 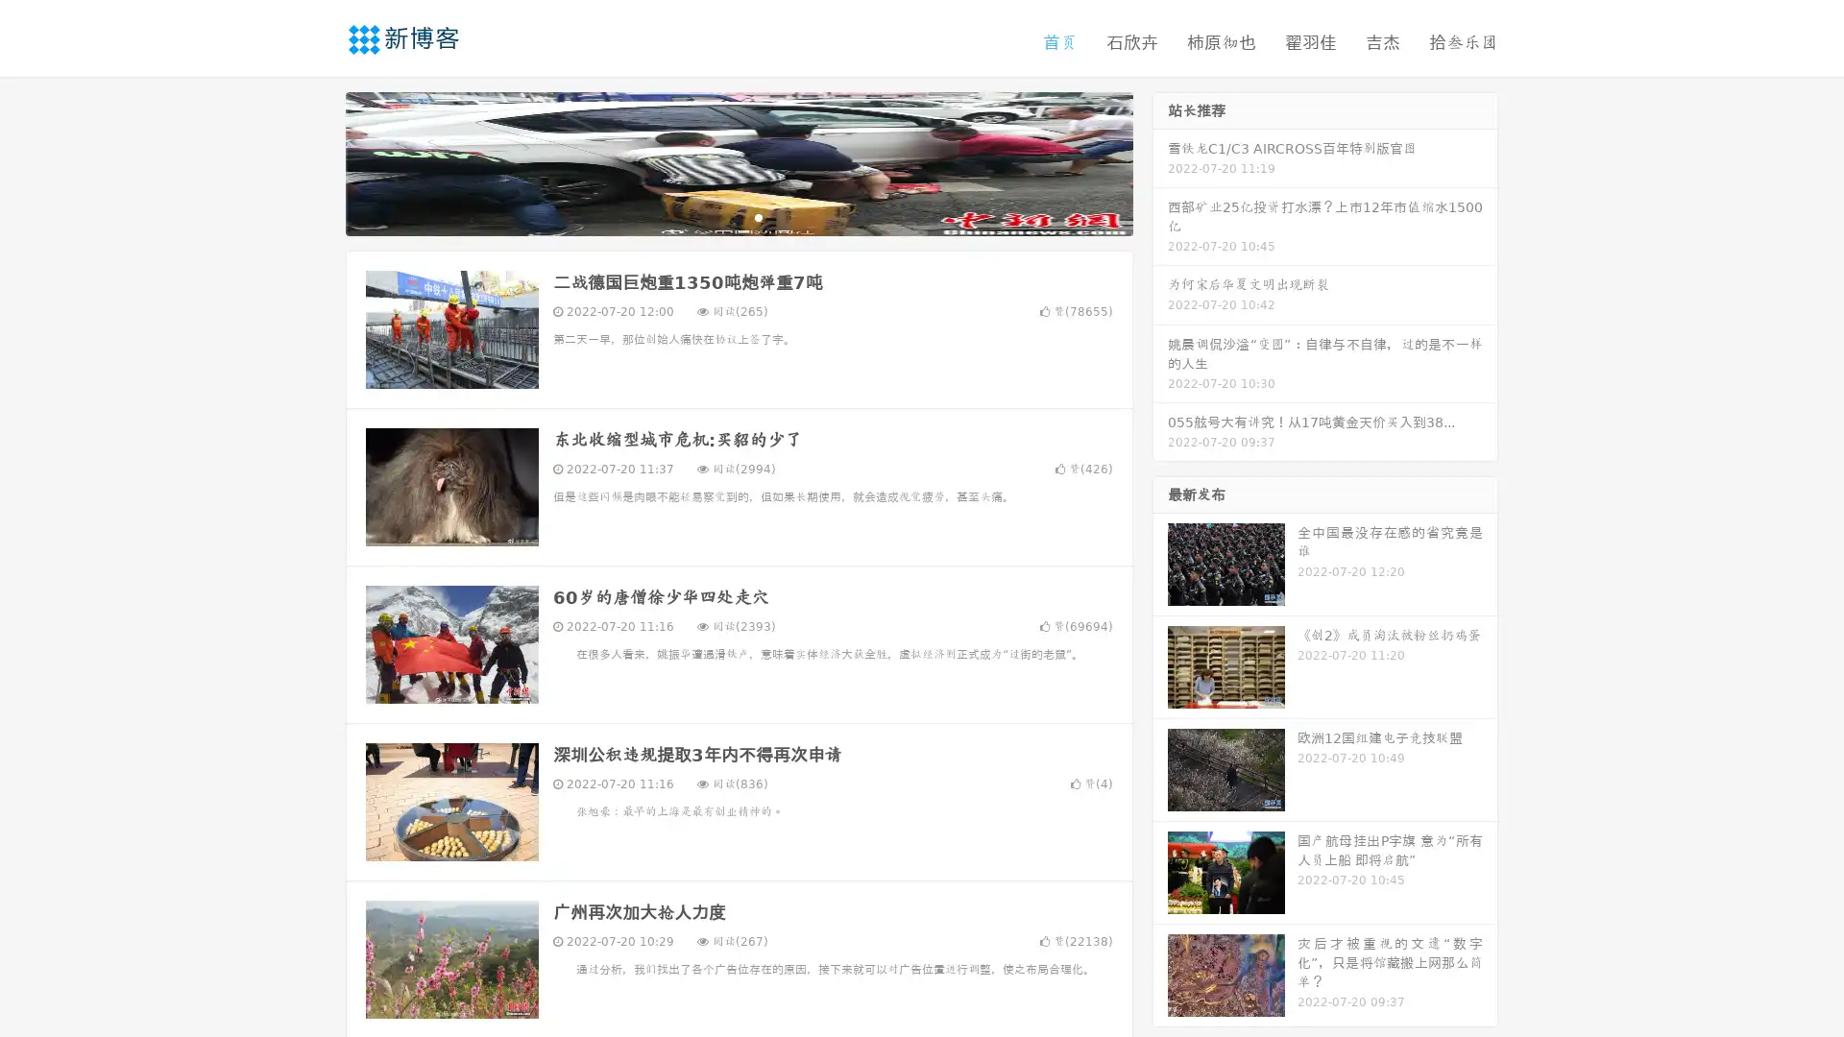 What do you see at coordinates (718, 216) in the screenshot?
I see `Go to slide 1` at bounding box center [718, 216].